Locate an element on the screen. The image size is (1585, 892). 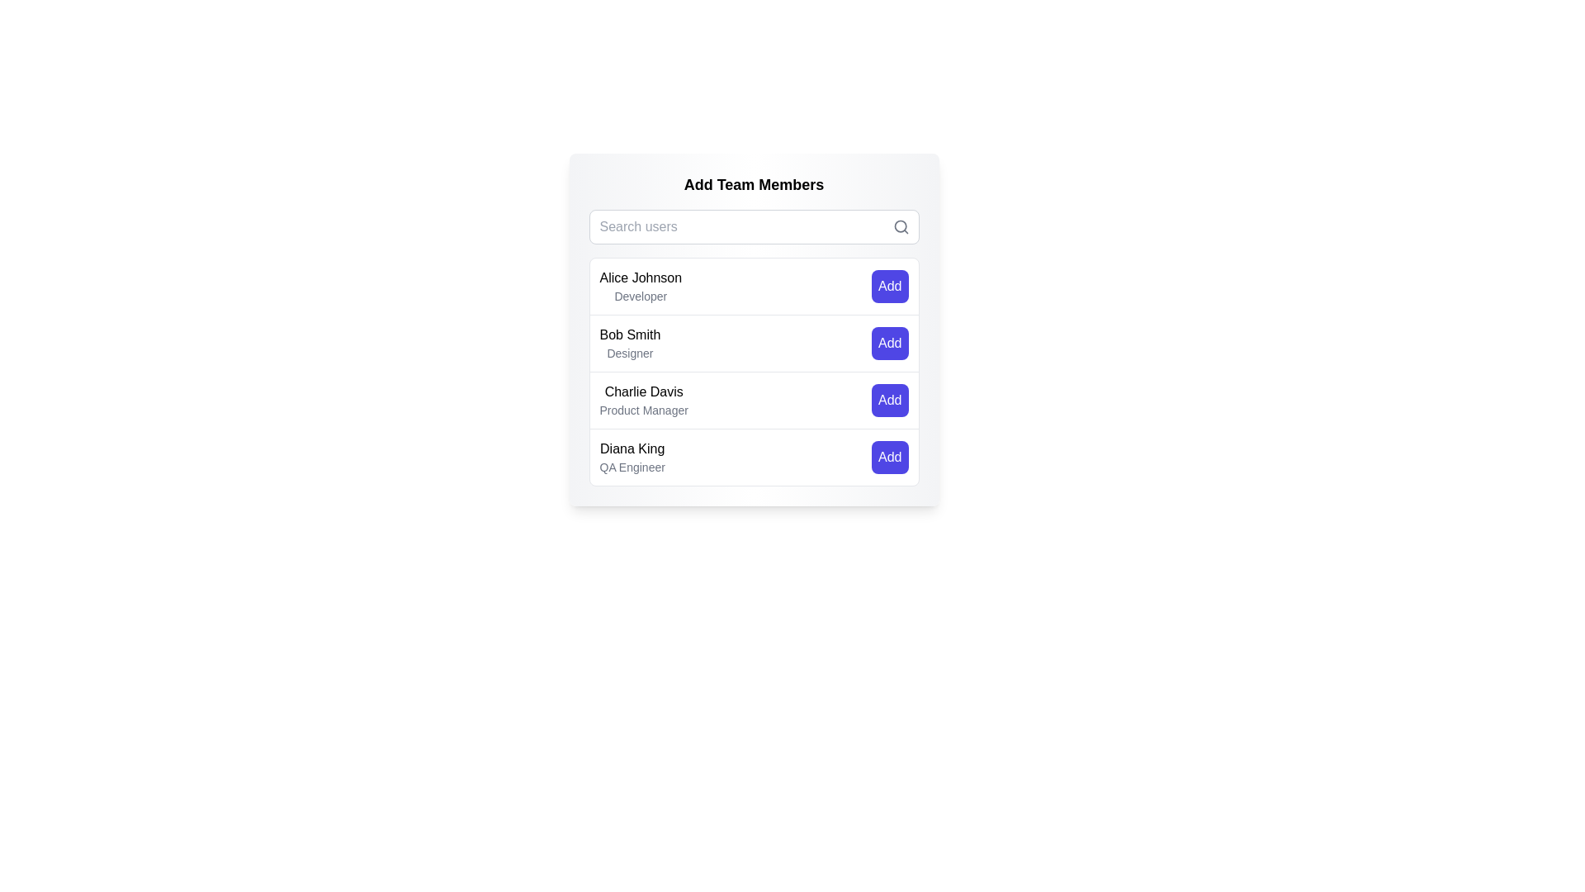
displayed information of the fourth team member entry in the list, which includes their name and role, located at the bottom of the list is located at coordinates (753, 457).